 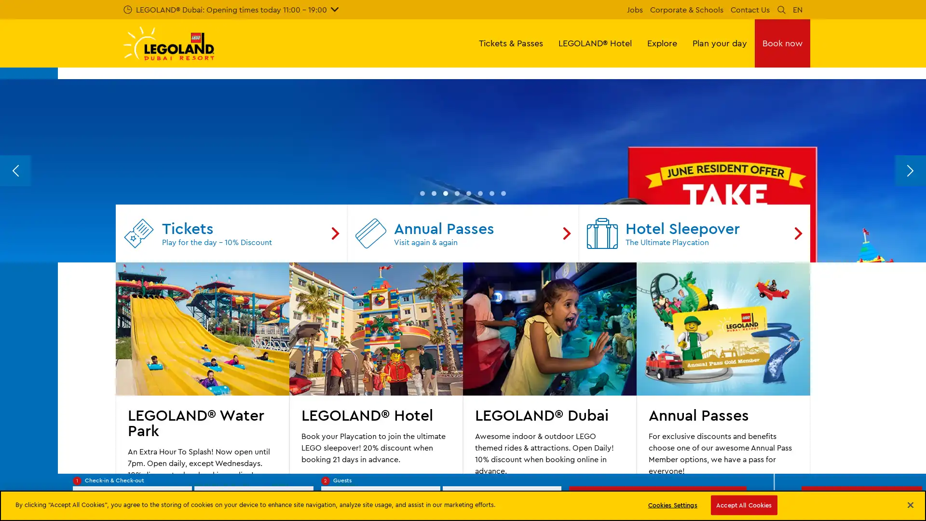 I want to click on Accept All Cookies, so click(x=743, y=504).